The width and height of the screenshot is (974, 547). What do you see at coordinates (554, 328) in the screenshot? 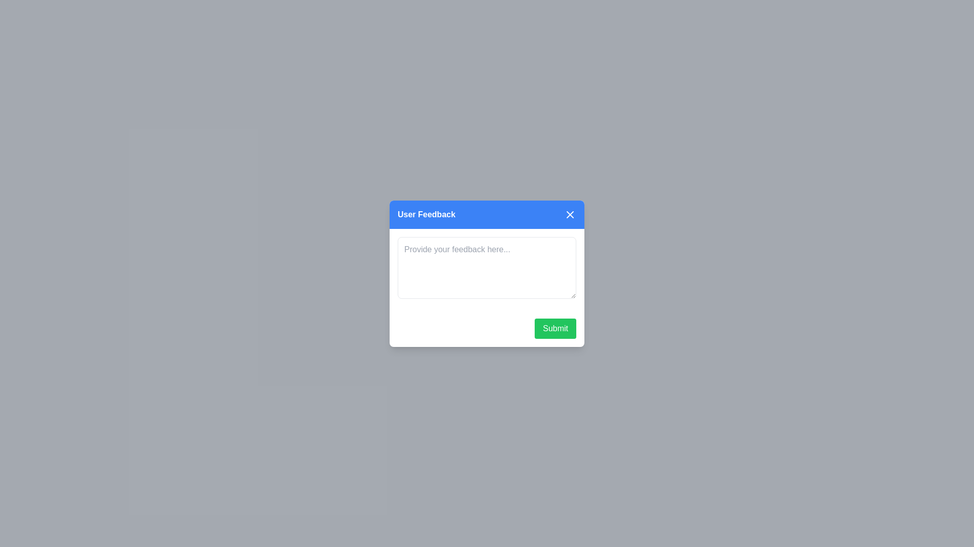
I see `the submit button to submit feedback` at bounding box center [554, 328].